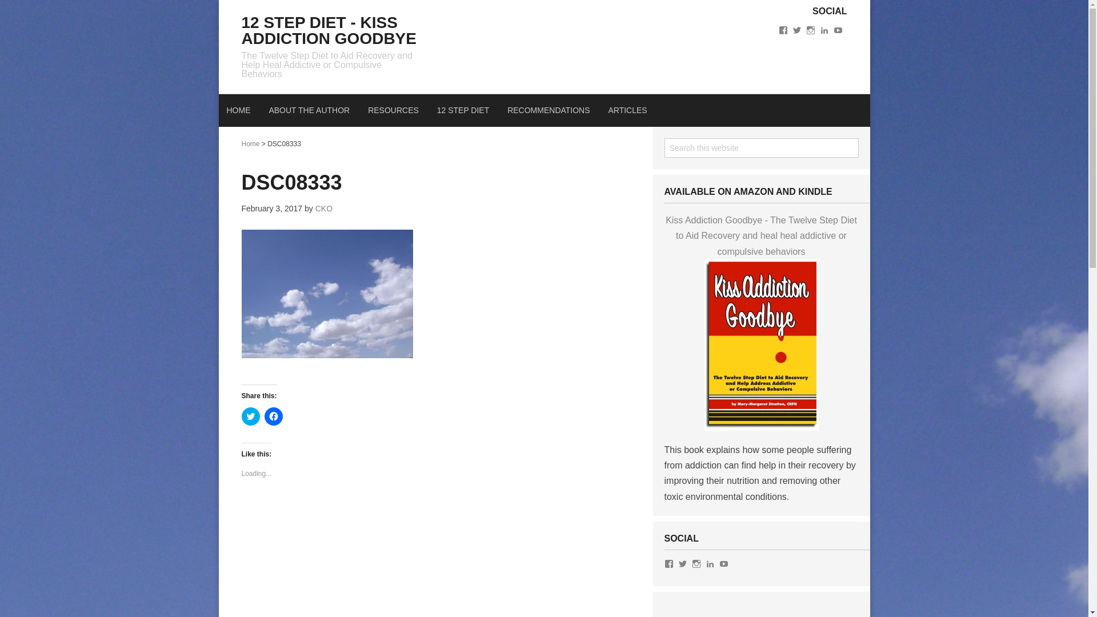  Describe the element at coordinates (858, 137) in the screenshot. I see `'Search'` at that location.